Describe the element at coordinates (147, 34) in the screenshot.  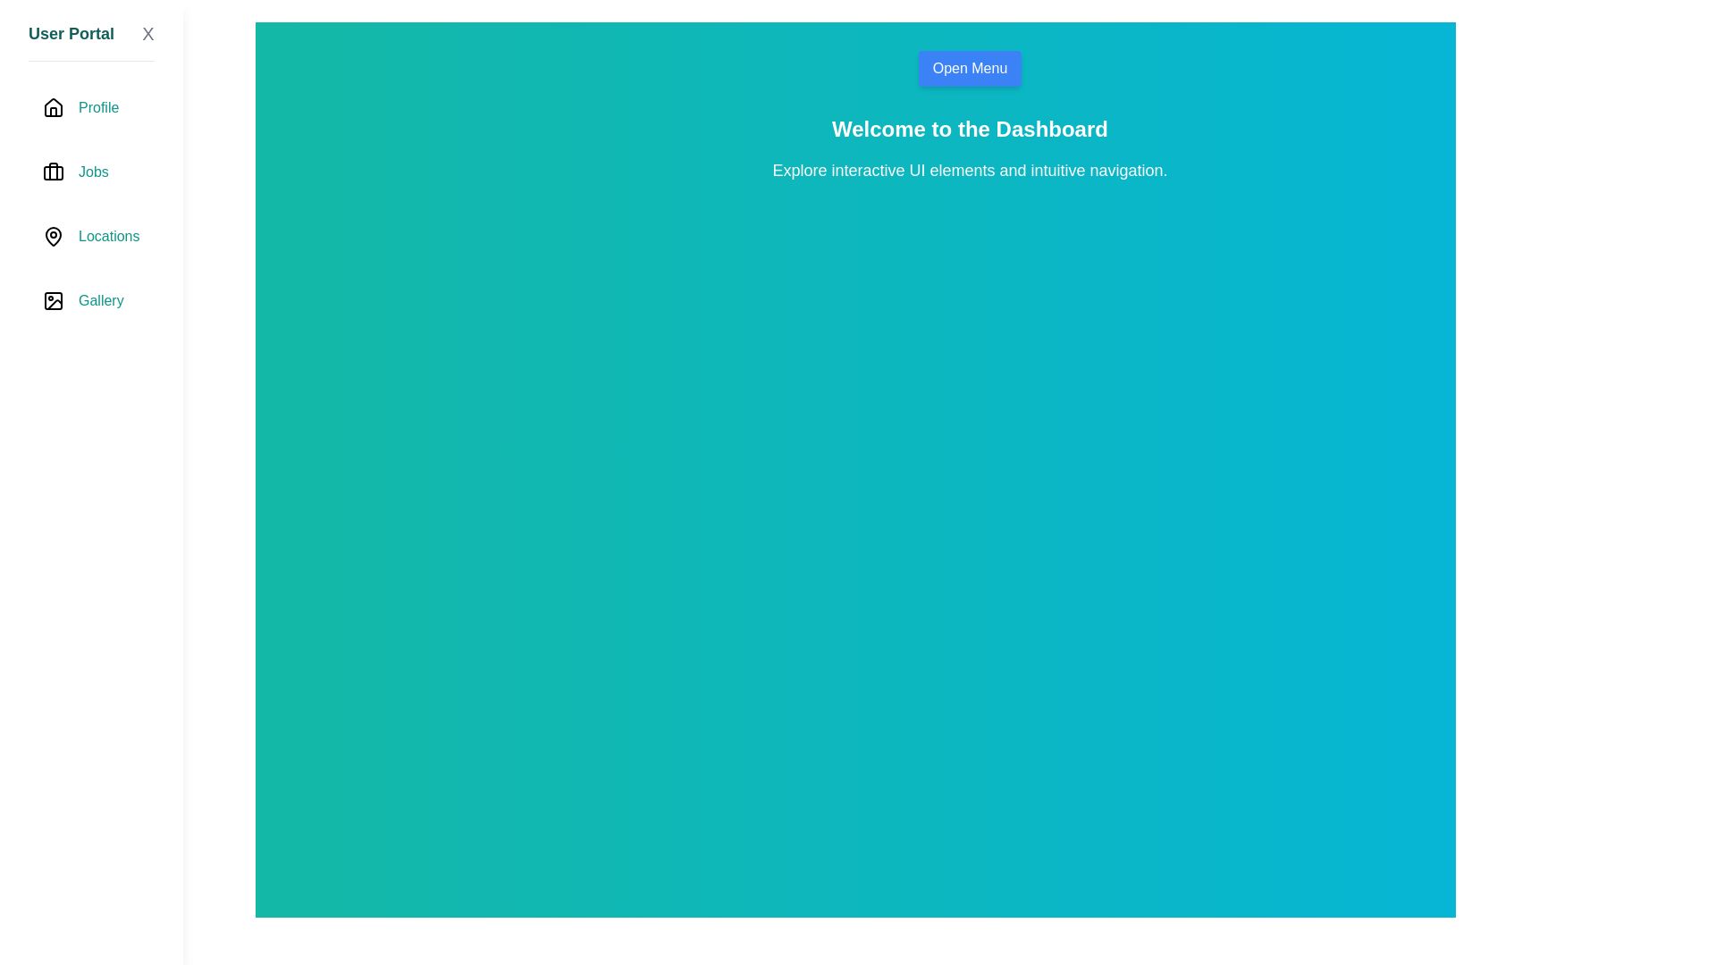
I see `close button in the sidebar to hide the menu` at that location.